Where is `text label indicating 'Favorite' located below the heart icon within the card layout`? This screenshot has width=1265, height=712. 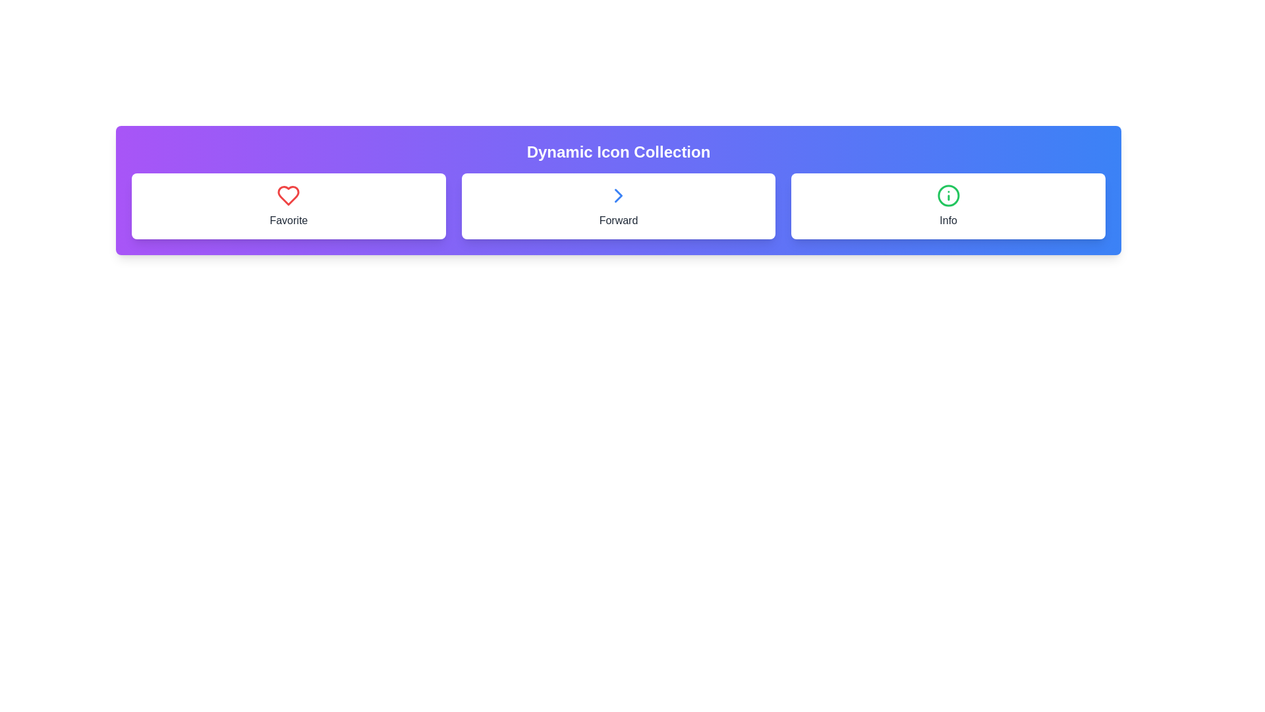
text label indicating 'Favorite' located below the heart icon within the card layout is located at coordinates (288, 220).